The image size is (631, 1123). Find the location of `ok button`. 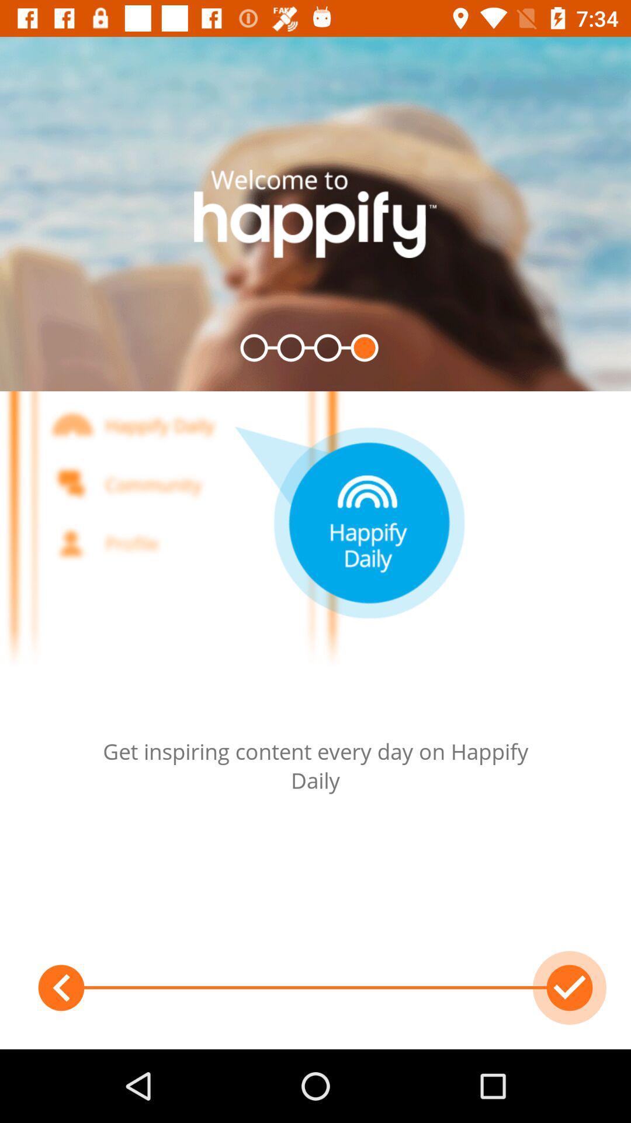

ok button is located at coordinates (569, 987).